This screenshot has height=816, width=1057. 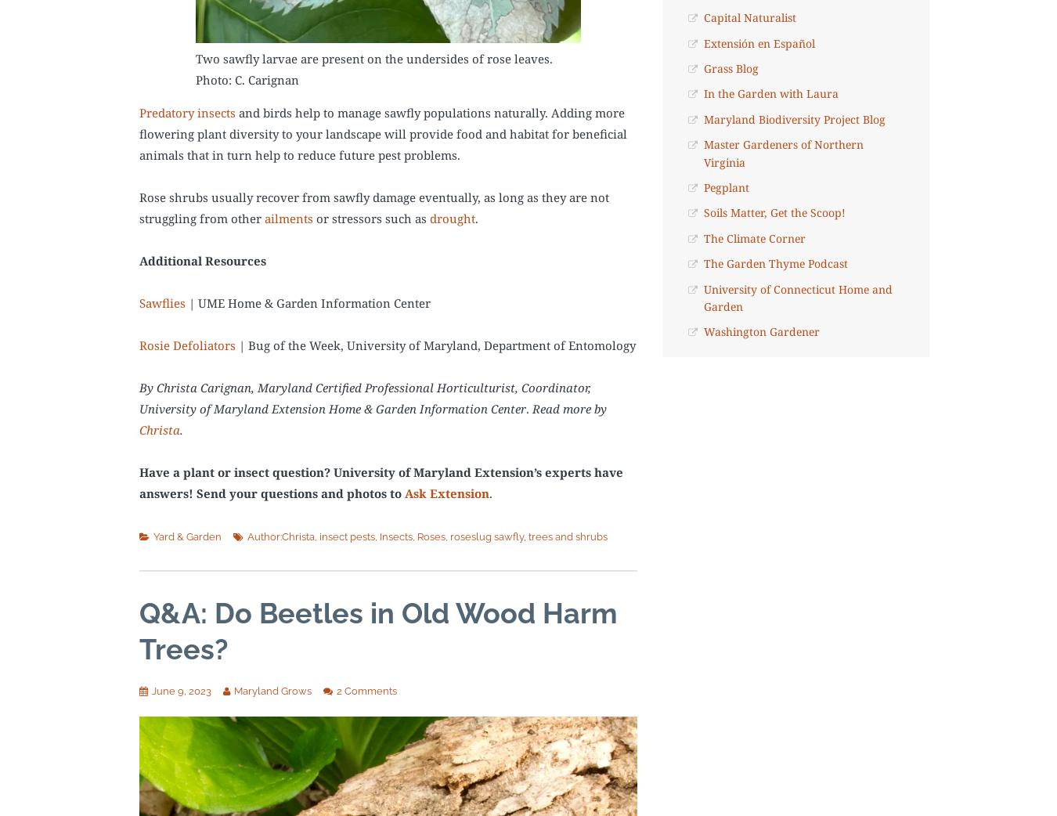 What do you see at coordinates (752, 237) in the screenshot?
I see `'The Climate Corner'` at bounding box center [752, 237].